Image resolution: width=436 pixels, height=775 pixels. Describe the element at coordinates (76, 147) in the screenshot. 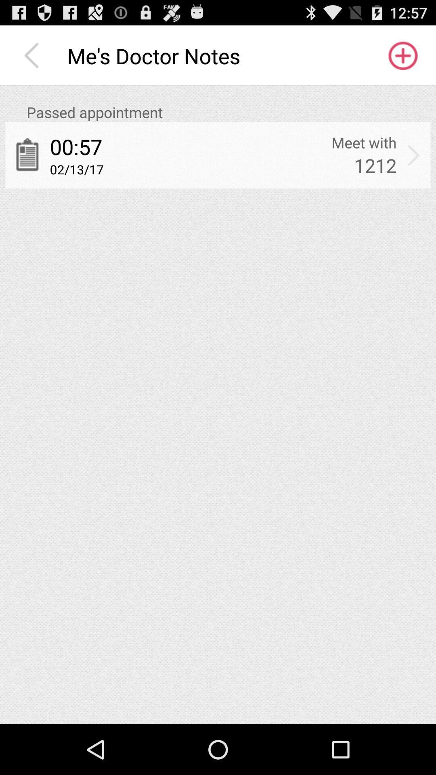

I see `00:57 item` at that location.